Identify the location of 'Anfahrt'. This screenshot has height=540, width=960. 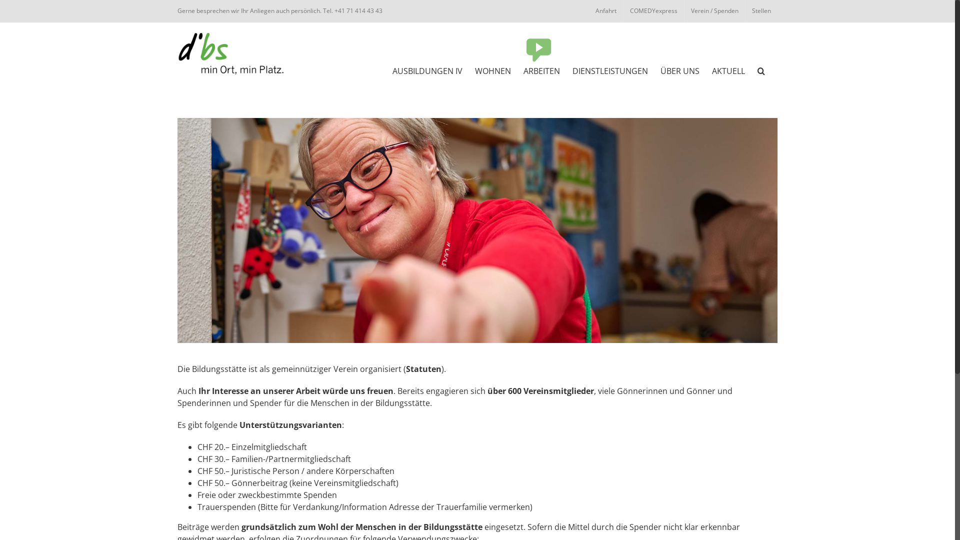
(605, 11).